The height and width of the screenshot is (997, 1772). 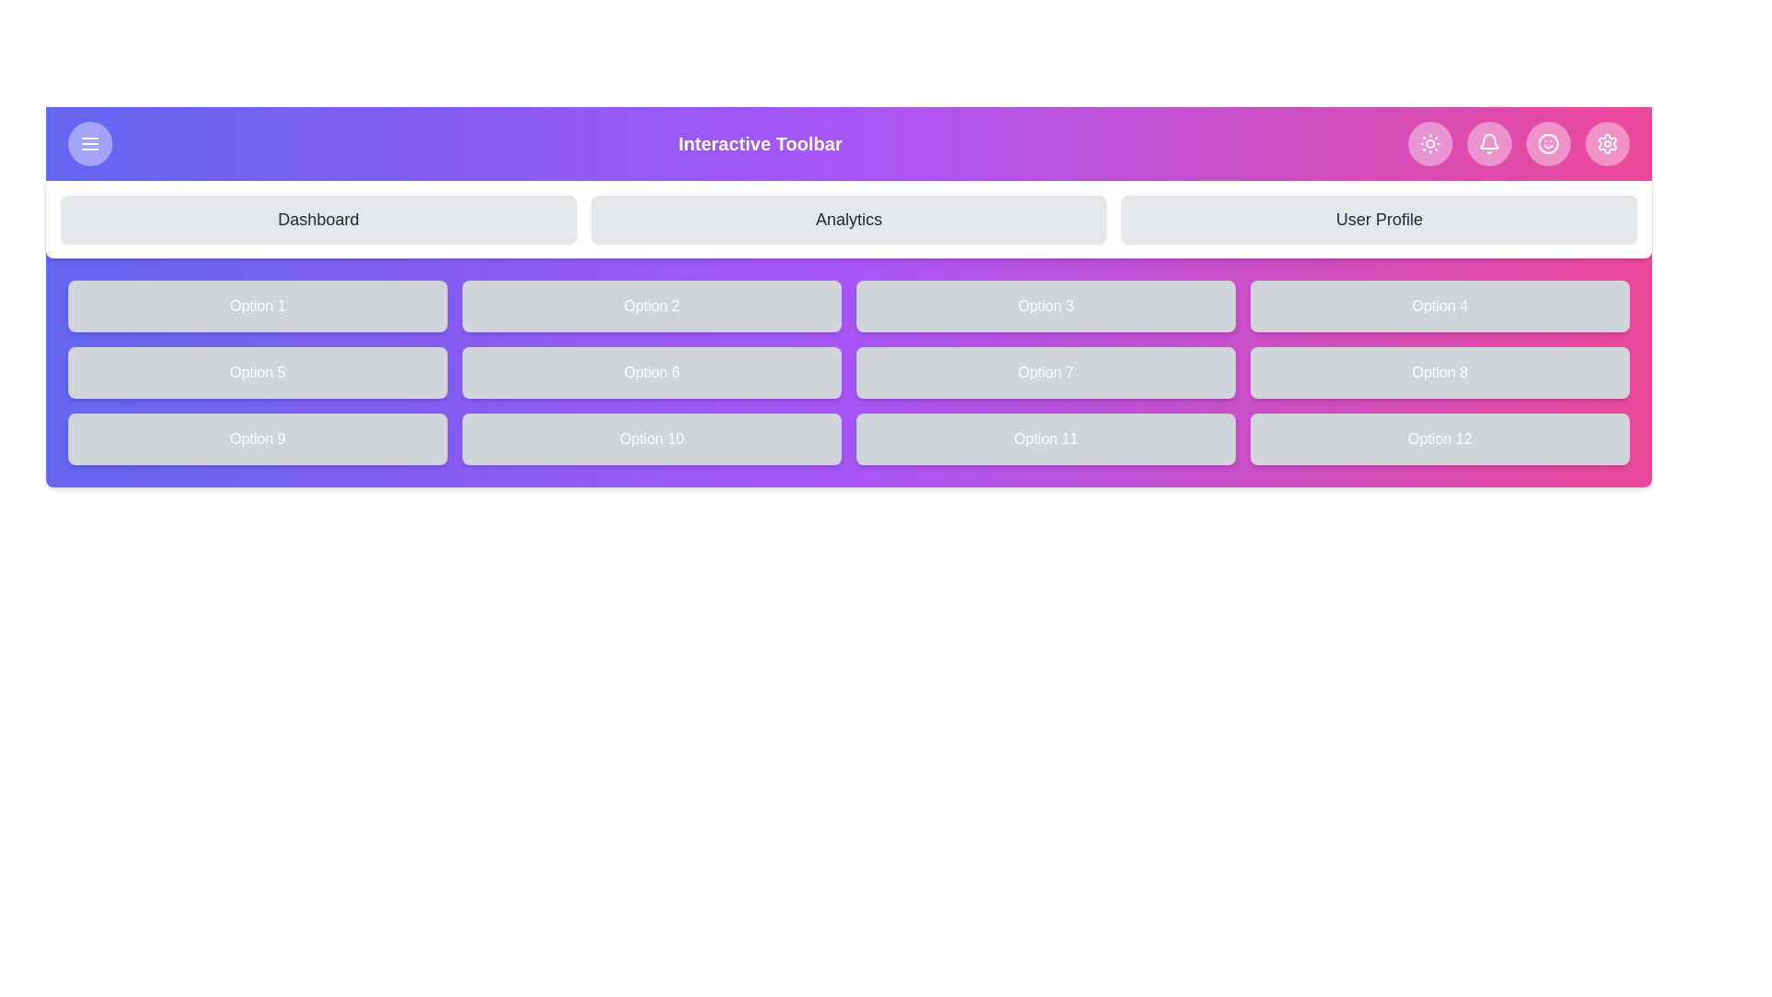 I want to click on the Dashboard section from the dashboard, so click(x=318, y=219).